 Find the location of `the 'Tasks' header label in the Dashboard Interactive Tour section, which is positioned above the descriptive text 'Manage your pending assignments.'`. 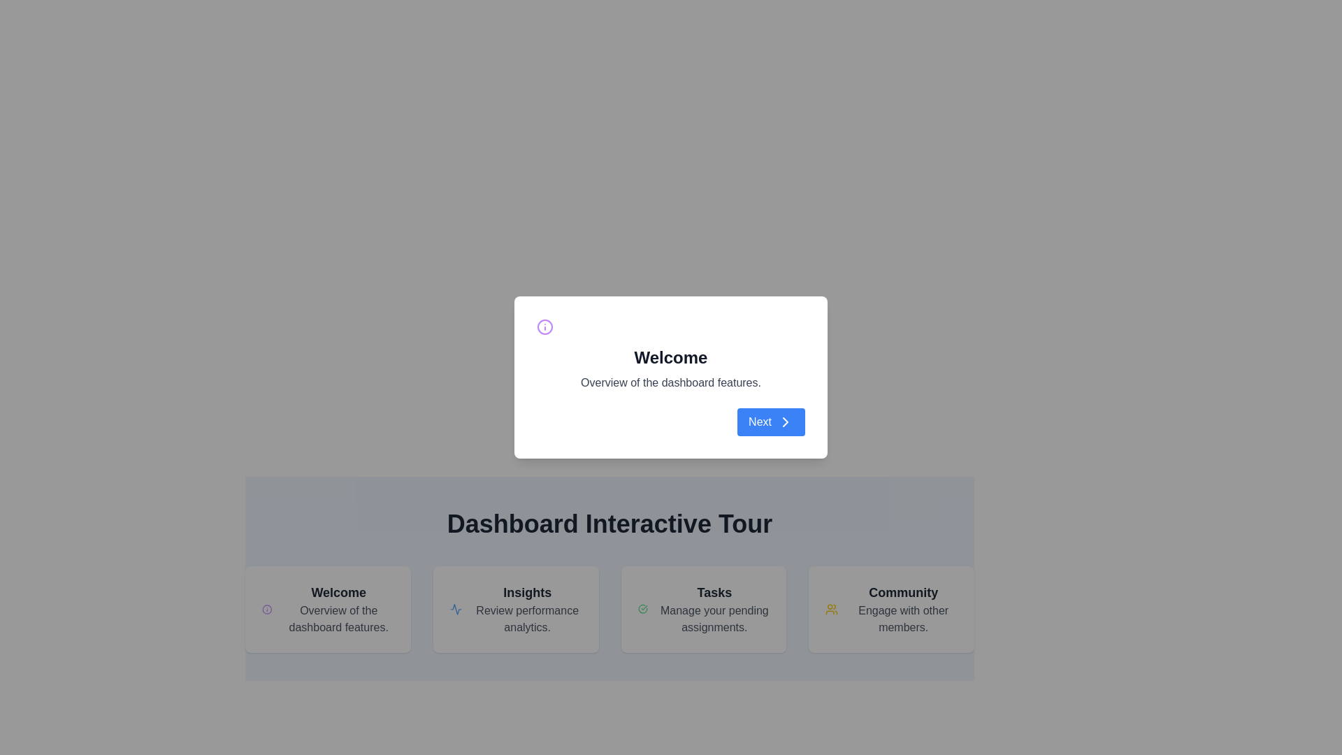

the 'Tasks' header label in the Dashboard Interactive Tour section, which is positioned above the descriptive text 'Manage your pending assignments.' is located at coordinates (714, 593).